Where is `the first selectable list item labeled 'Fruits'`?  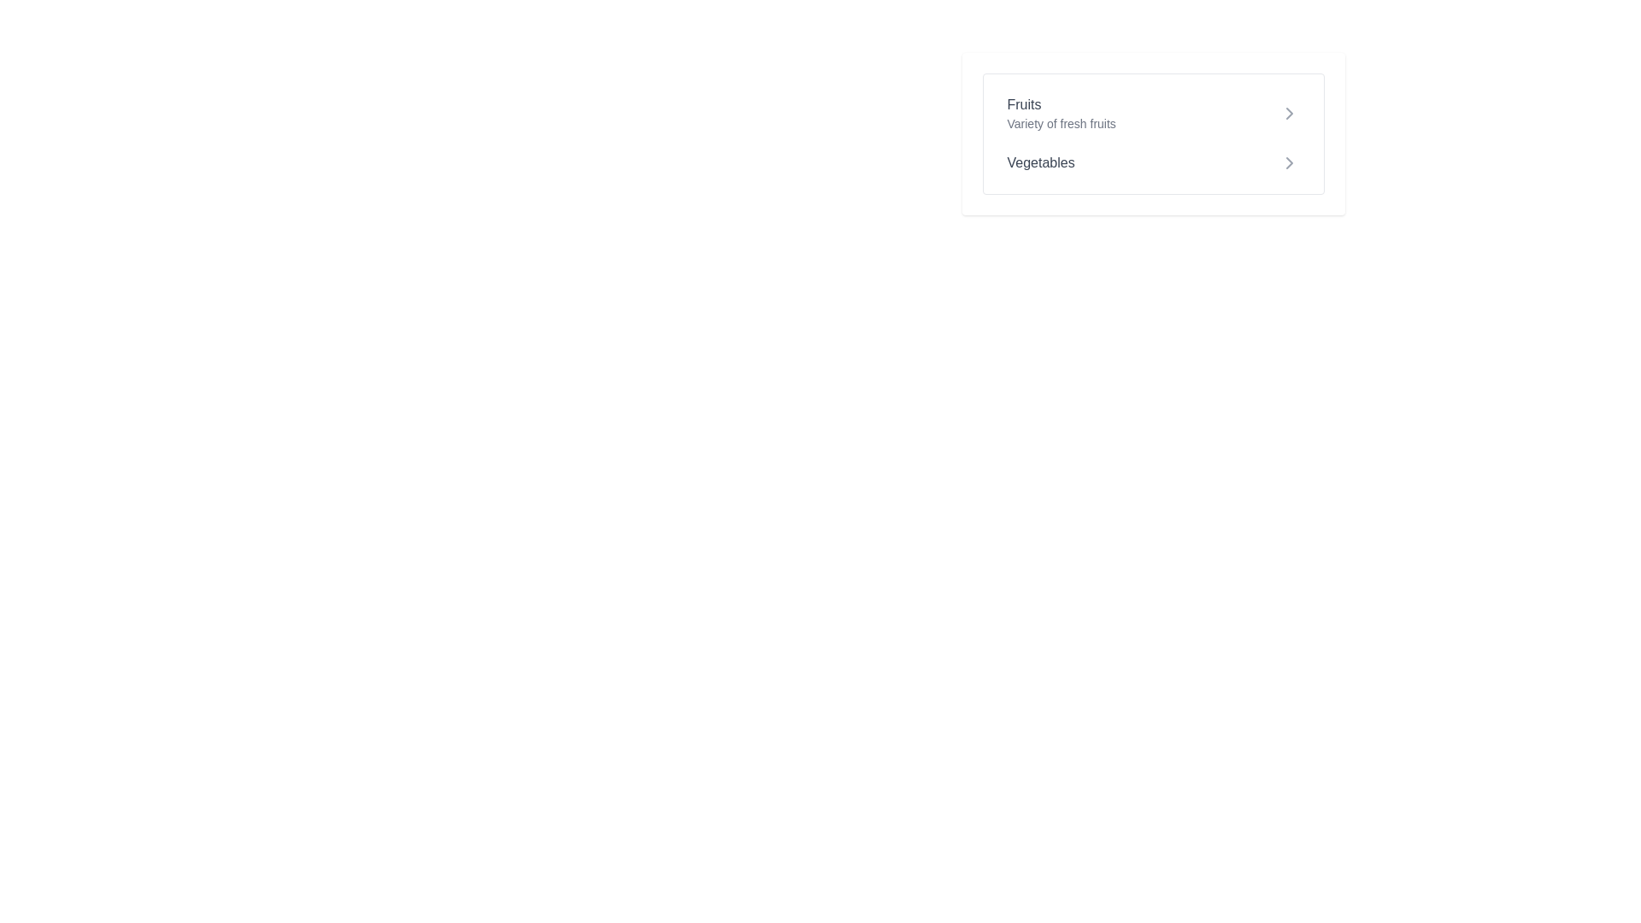
the first selectable list item labeled 'Fruits' is located at coordinates (1153, 113).